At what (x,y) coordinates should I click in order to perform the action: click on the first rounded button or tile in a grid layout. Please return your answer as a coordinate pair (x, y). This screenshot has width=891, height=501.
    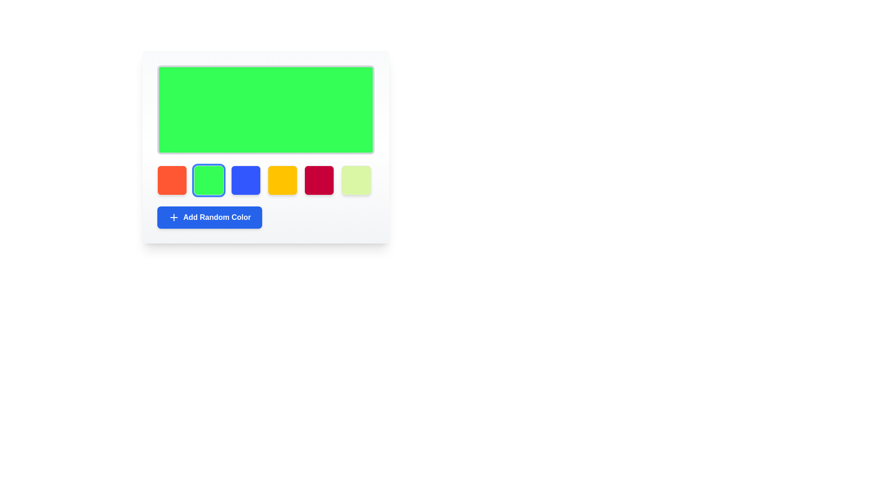
    Looking at the image, I should click on (172, 180).